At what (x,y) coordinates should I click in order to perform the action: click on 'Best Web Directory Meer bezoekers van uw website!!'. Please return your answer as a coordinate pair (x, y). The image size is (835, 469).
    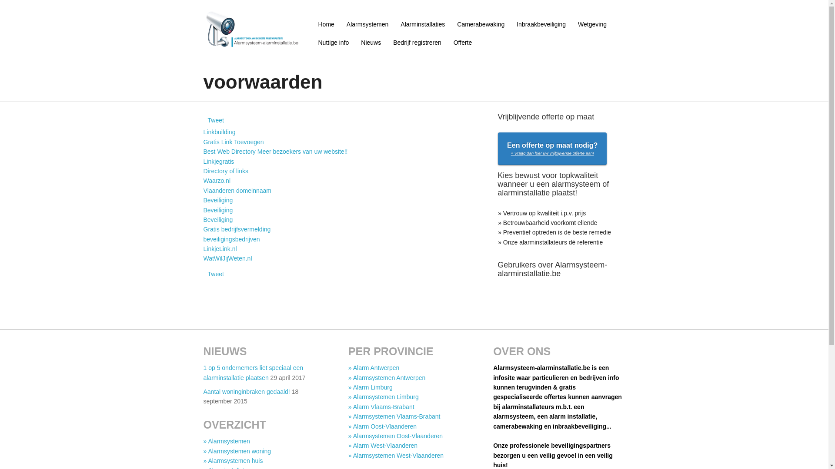
    Looking at the image, I should click on (275, 151).